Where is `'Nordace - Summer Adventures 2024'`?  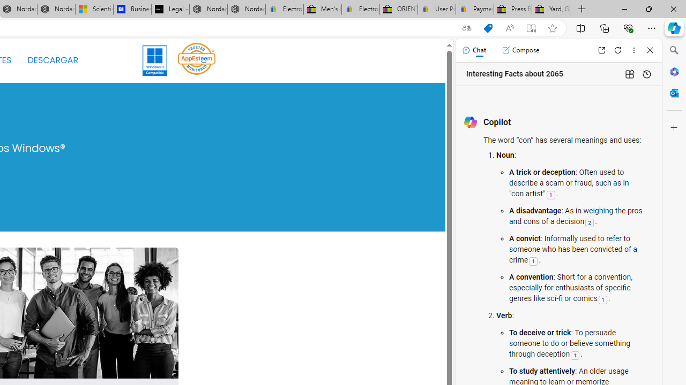 'Nordace - Summer Adventures 2024' is located at coordinates (208, 9).